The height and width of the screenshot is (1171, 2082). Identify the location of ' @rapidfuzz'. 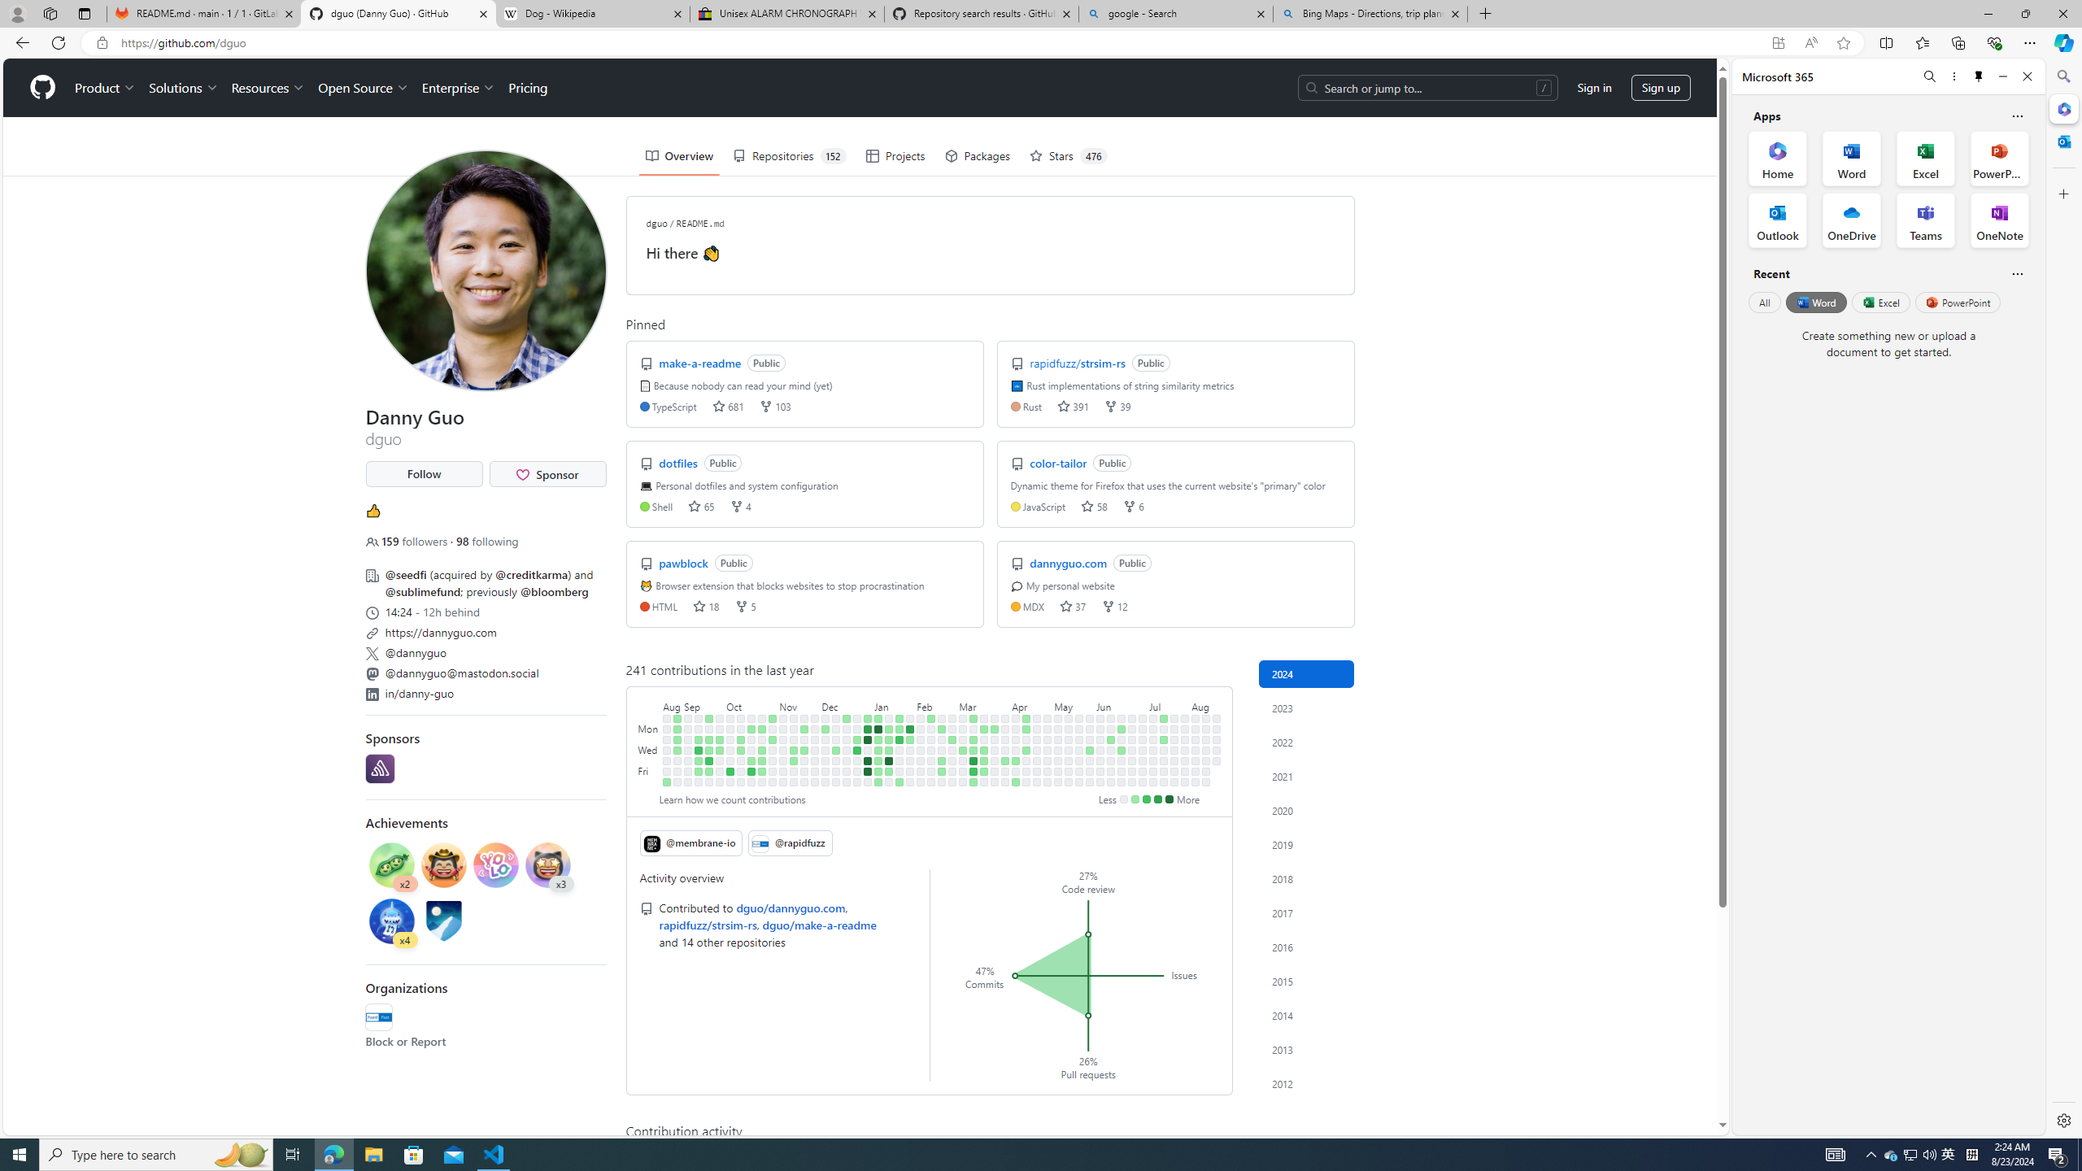
(789, 842).